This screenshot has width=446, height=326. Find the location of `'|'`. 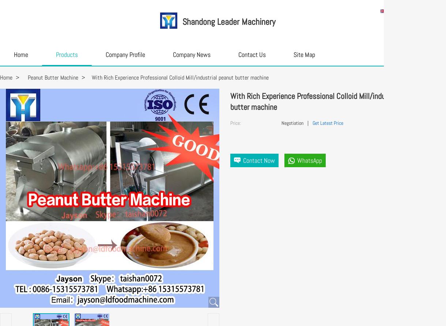

'|' is located at coordinates (307, 123).